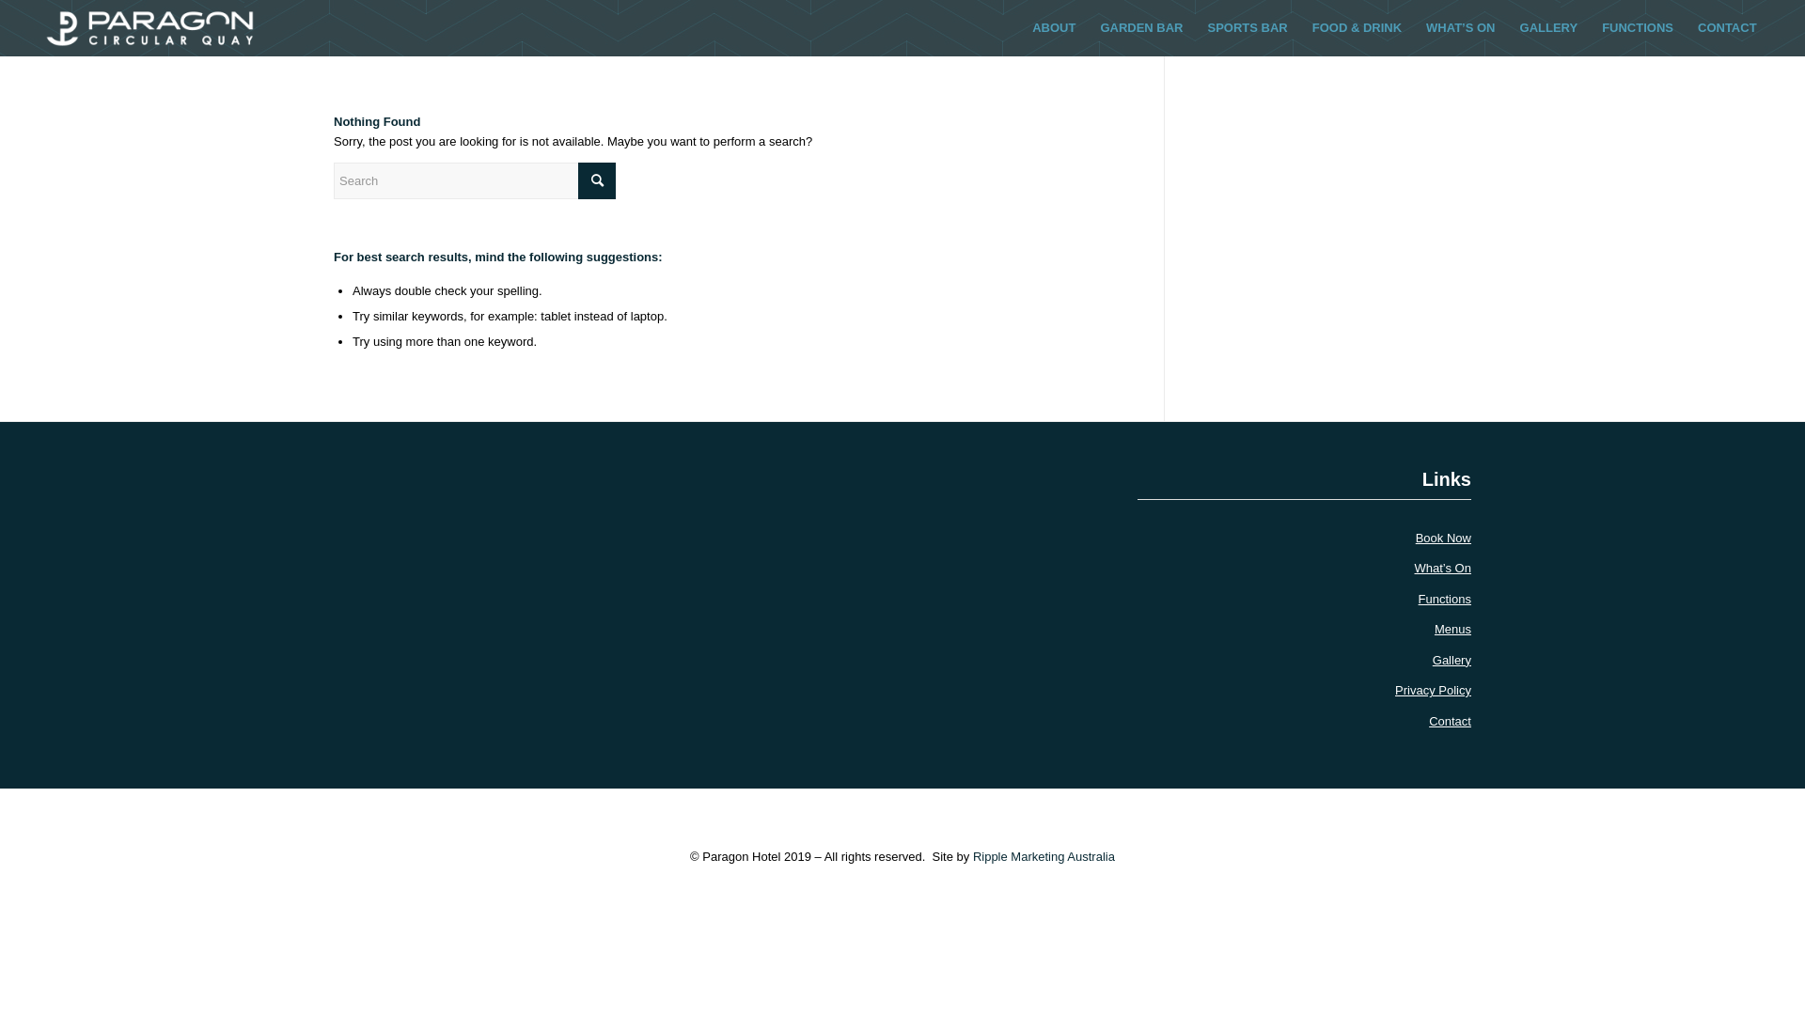 The width and height of the screenshot is (1805, 1015). I want to click on 'GALLERY', so click(1548, 28).